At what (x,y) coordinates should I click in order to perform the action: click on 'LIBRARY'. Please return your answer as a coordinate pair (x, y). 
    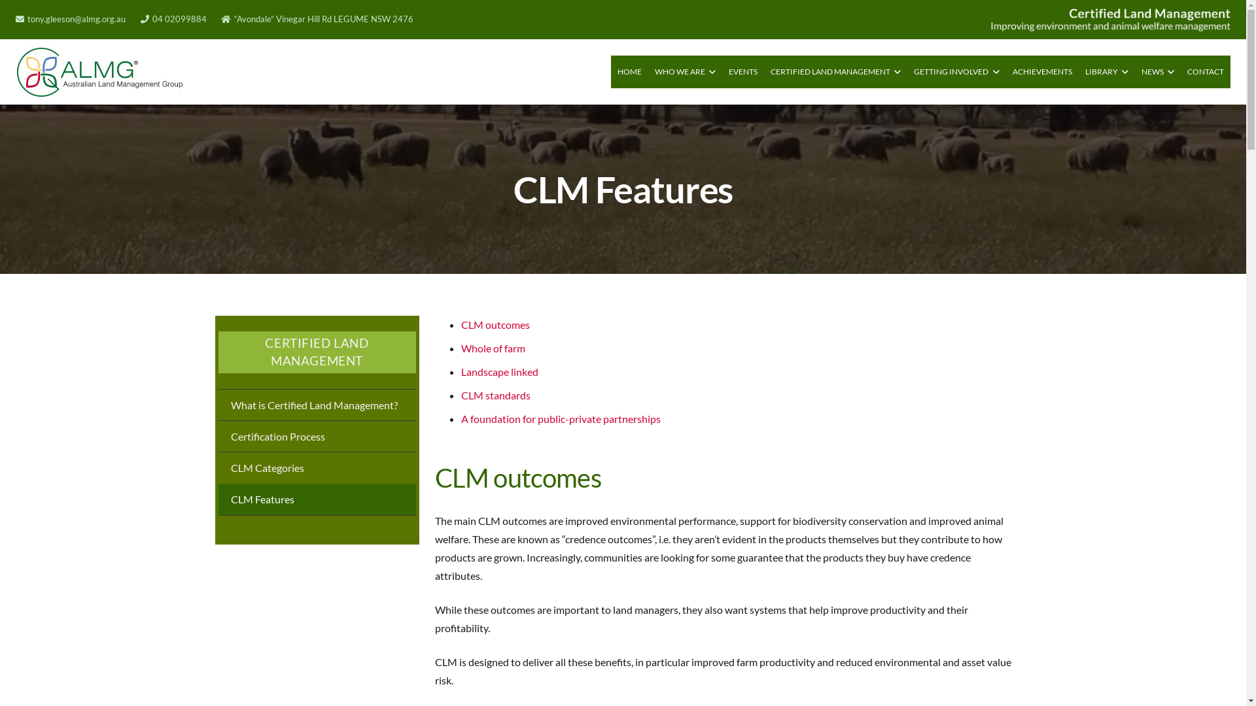
    Looking at the image, I should click on (1106, 72).